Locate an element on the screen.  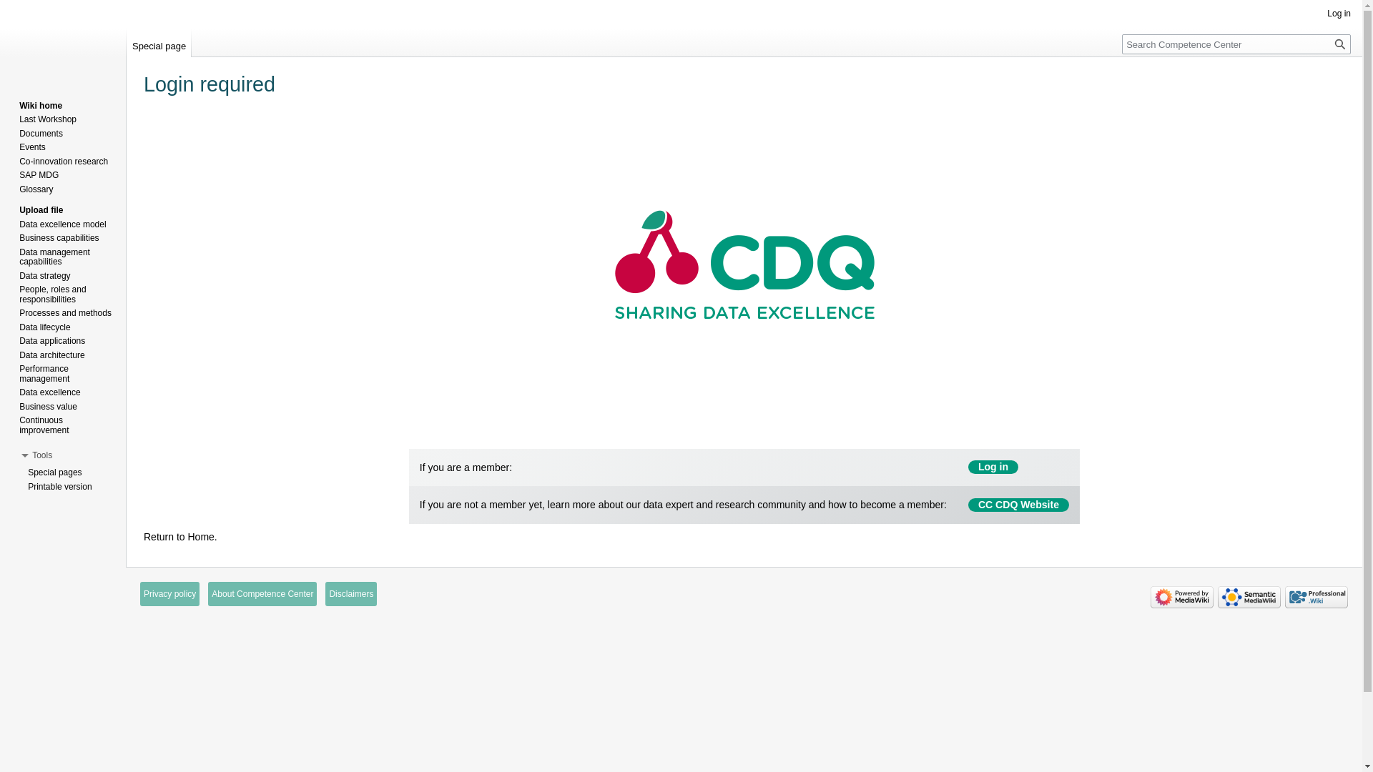
'Data strategy' is located at coordinates (44, 275).